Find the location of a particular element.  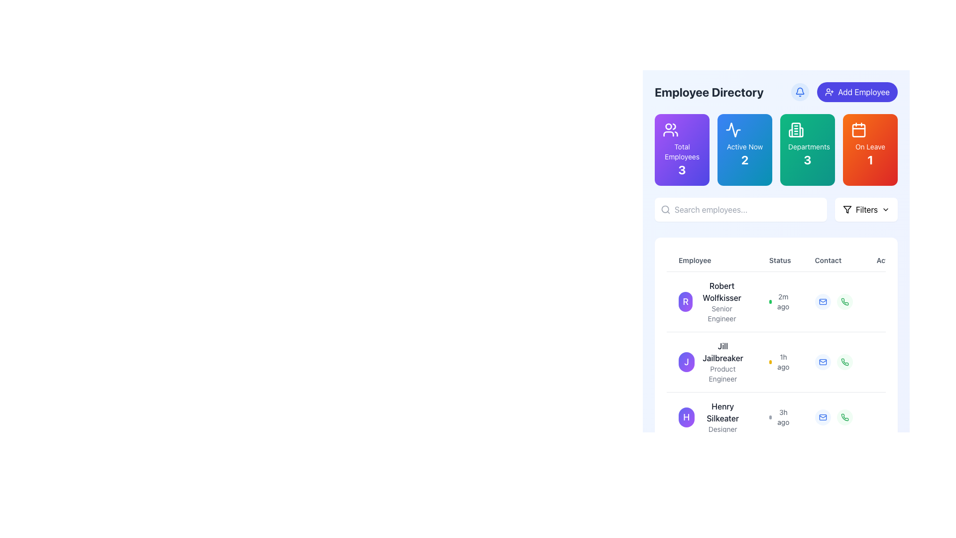

the envelope icon button in the 'Contact' column of the second row in the 'Employee Directory' interface to compose an email is located at coordinates (822, 362).